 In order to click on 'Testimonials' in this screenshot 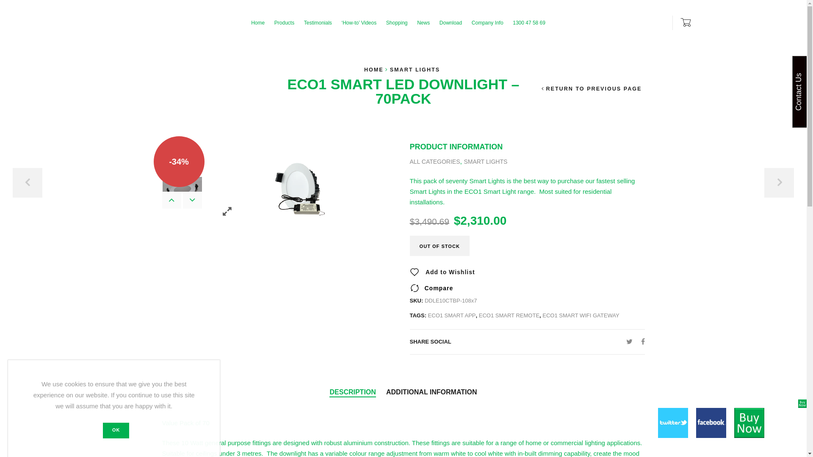, I will do `click(318, 22)`.